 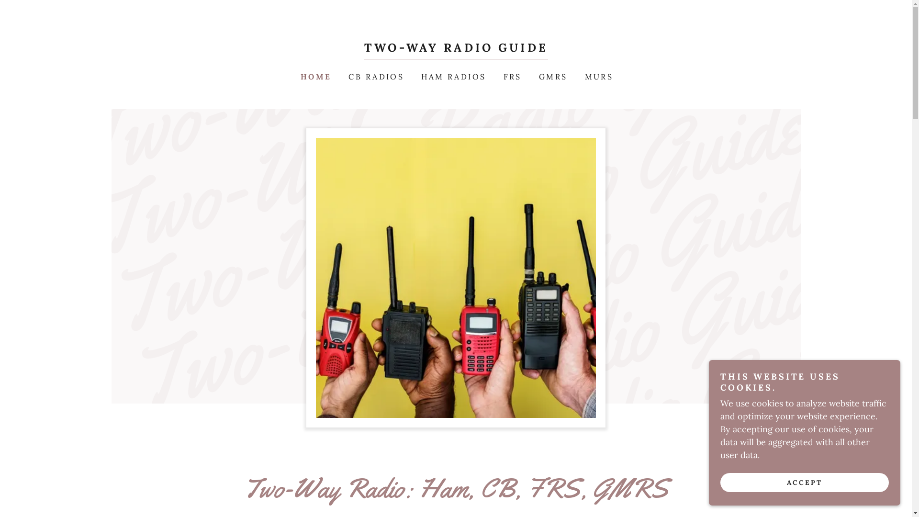 What do you see at coordinates (552, 76) in the screenshot?
I see `'GMRS'` at bounding box center [552, 76].